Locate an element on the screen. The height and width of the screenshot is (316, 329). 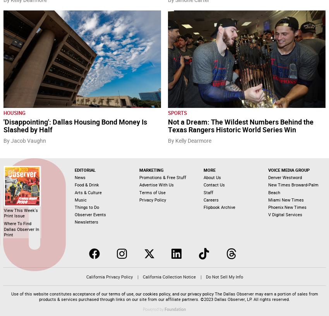
'Newsletters' is located at coordinates (74, 222).